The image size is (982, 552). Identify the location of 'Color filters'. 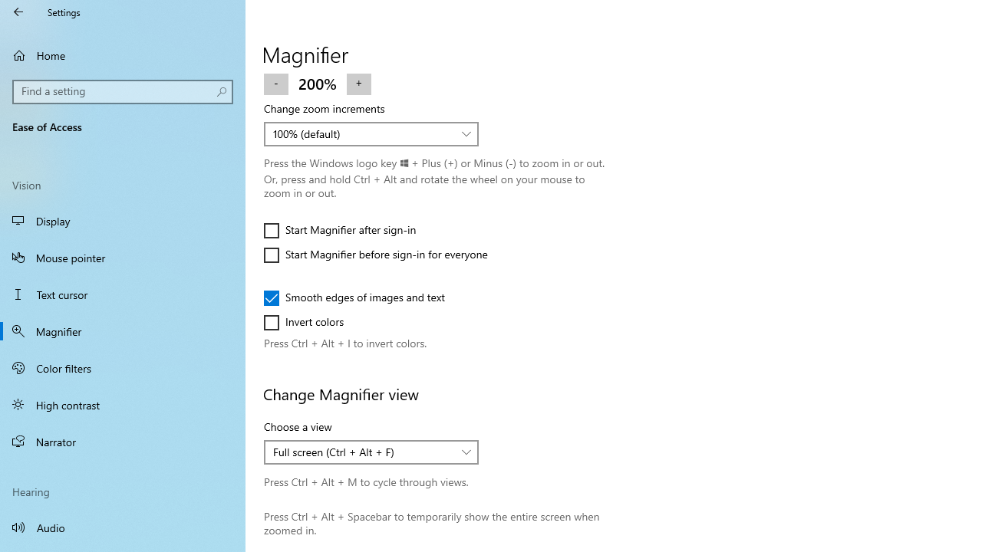
(123, 367).